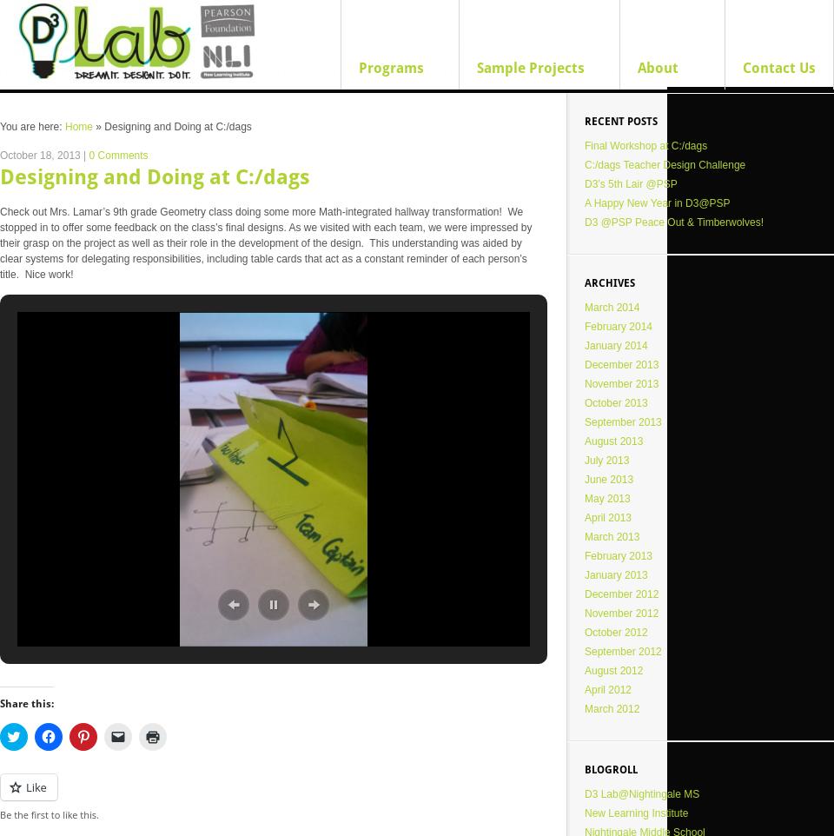 The height and width of the screenshot is (836, 834). I want to click on 'Archives', so click(609, 282).